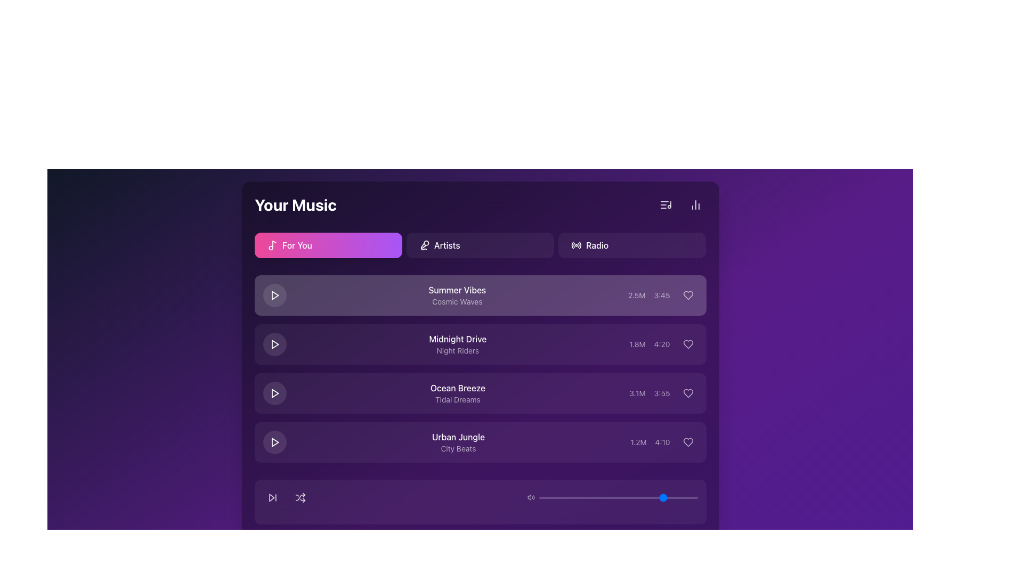 The image size is (1023, 575). Describe the element at coordinates (480, 442) in the screenshot. I see `the fourth list item containing the play button, track title 'Urban Jungle', and subtitle 'City Beats'` at that location.